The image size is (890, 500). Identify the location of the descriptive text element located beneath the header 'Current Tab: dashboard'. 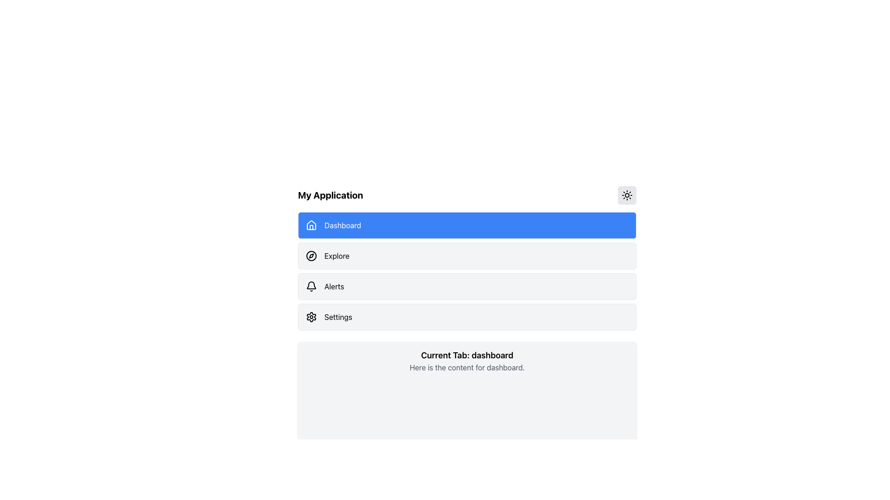
(467, 367).